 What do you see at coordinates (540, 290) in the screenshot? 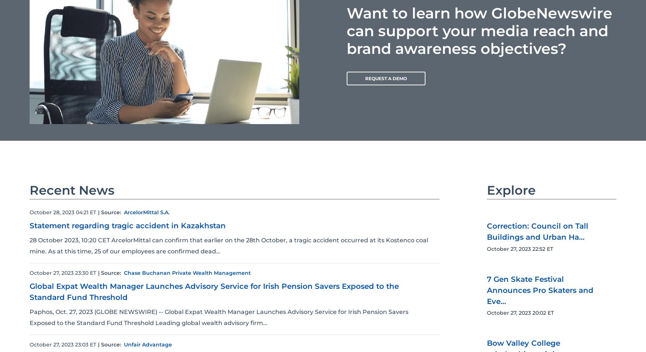
I see `'7 Gen Skate Festival Announces Pro Skaters and Eve...'` at bounding box center [540, 290].